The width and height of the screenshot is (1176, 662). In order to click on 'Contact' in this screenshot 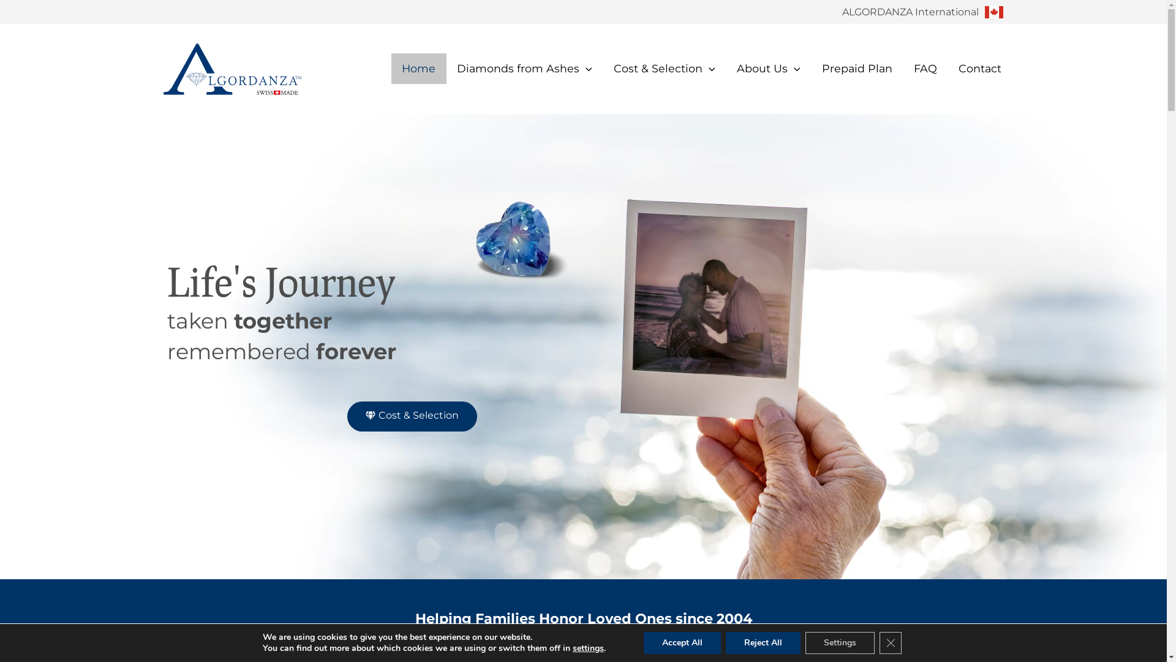, I will do `click(979, 68)`.